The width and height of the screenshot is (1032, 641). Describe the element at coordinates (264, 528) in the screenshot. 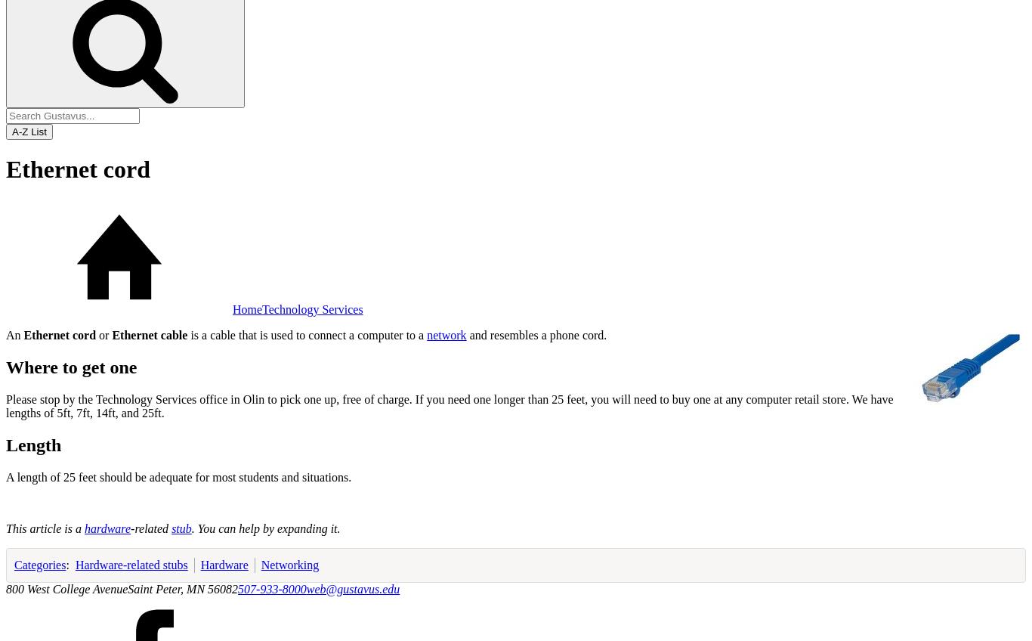

I see `'. You can help by expanding it.'` at that location.